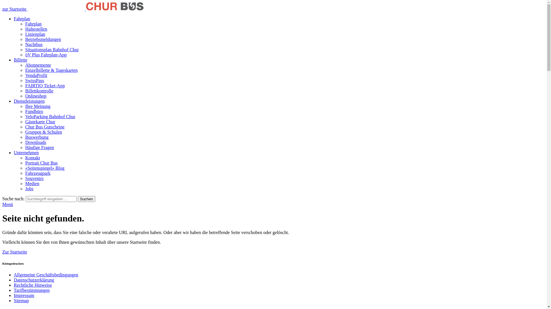  I want to click on 'Betriebsmeldungen', so click(42, 39).